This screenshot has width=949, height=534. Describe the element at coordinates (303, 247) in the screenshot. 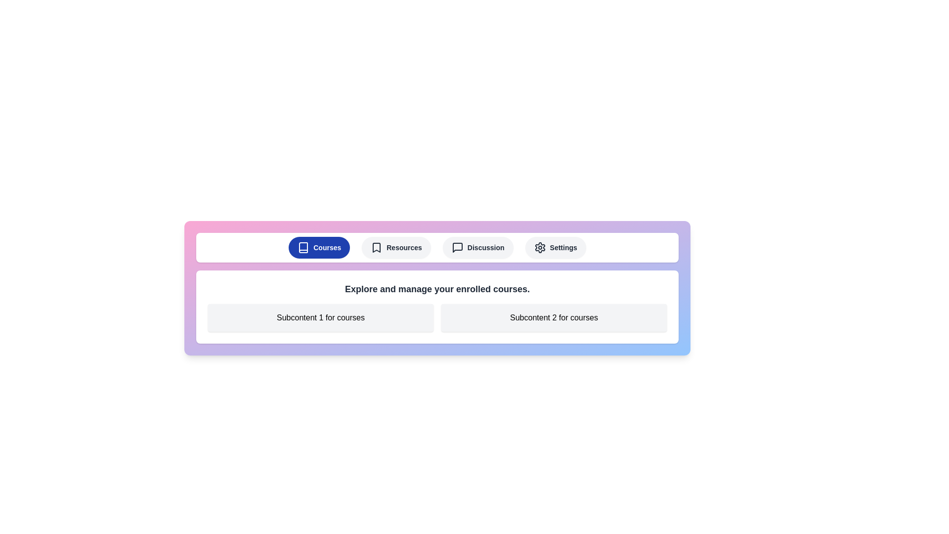

I see `the 'Courses' icon (SVG) located in the top-left section of the interface` at that location.